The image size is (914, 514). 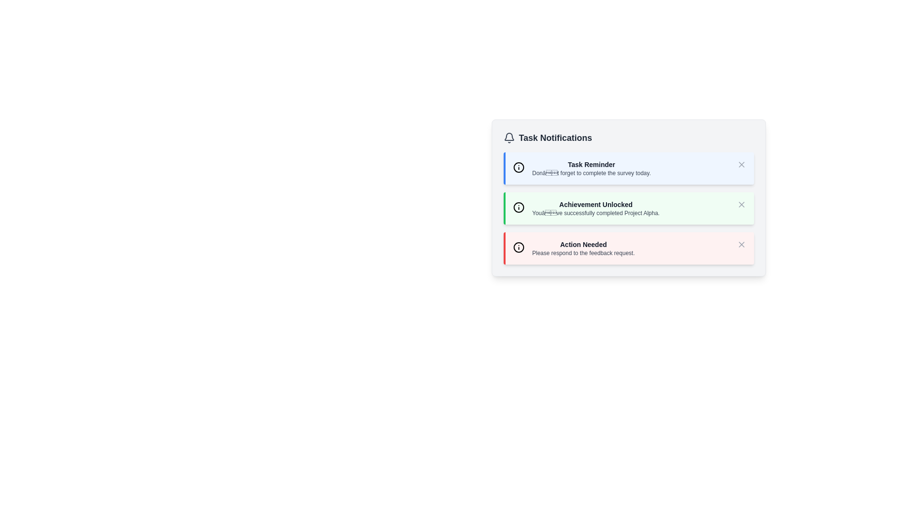 What do you see at coordinates (628, 247) in the screenshot?
I see `the third Notification Card in the vertically stacked list, located between the 'Achievement Unlocked' card and no other cards` at bounding box center [628, 247].